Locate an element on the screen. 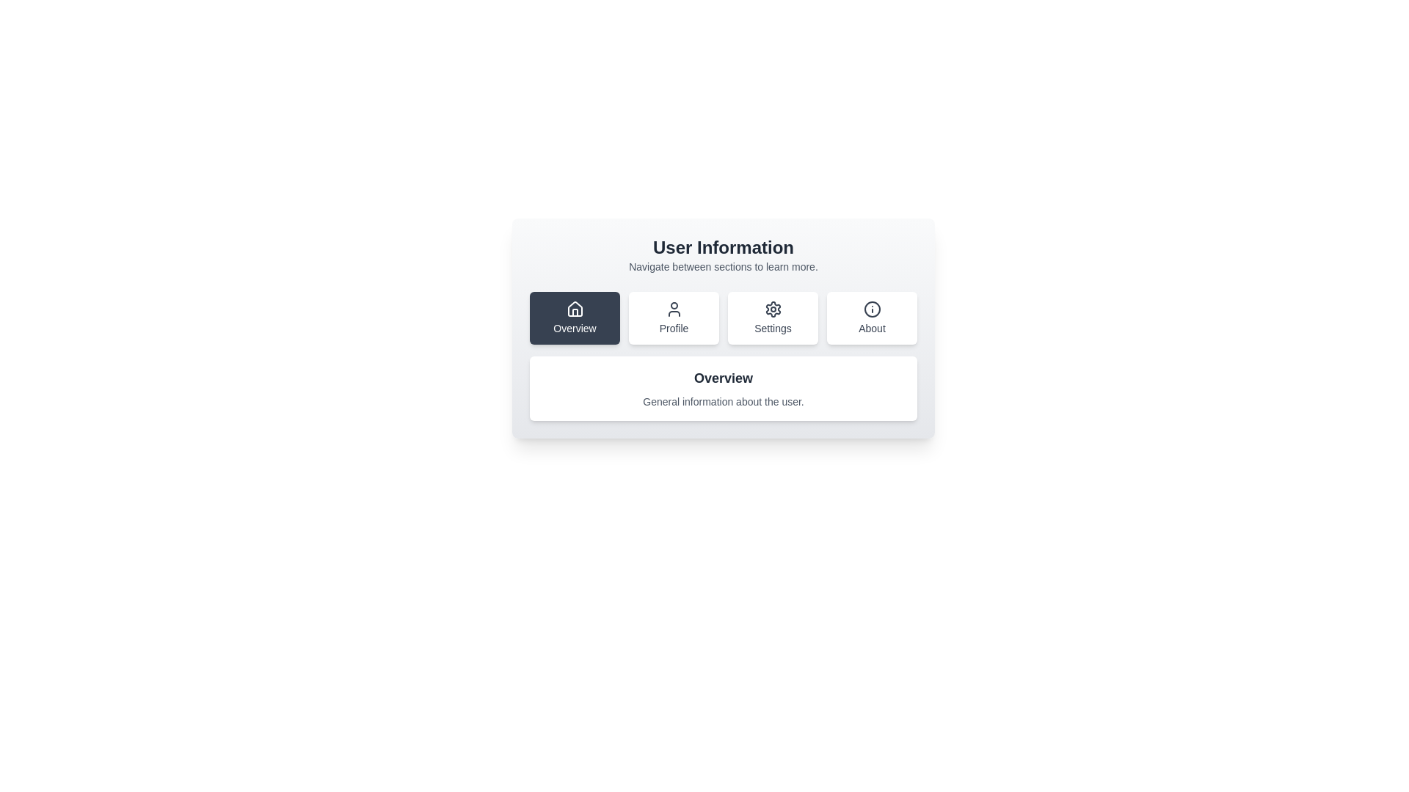  the circular component of the 'About' icon located in the navigation bar, which is the fourth item in the row of buttons under the 'User Information' header is located at coordinates (872, 308).